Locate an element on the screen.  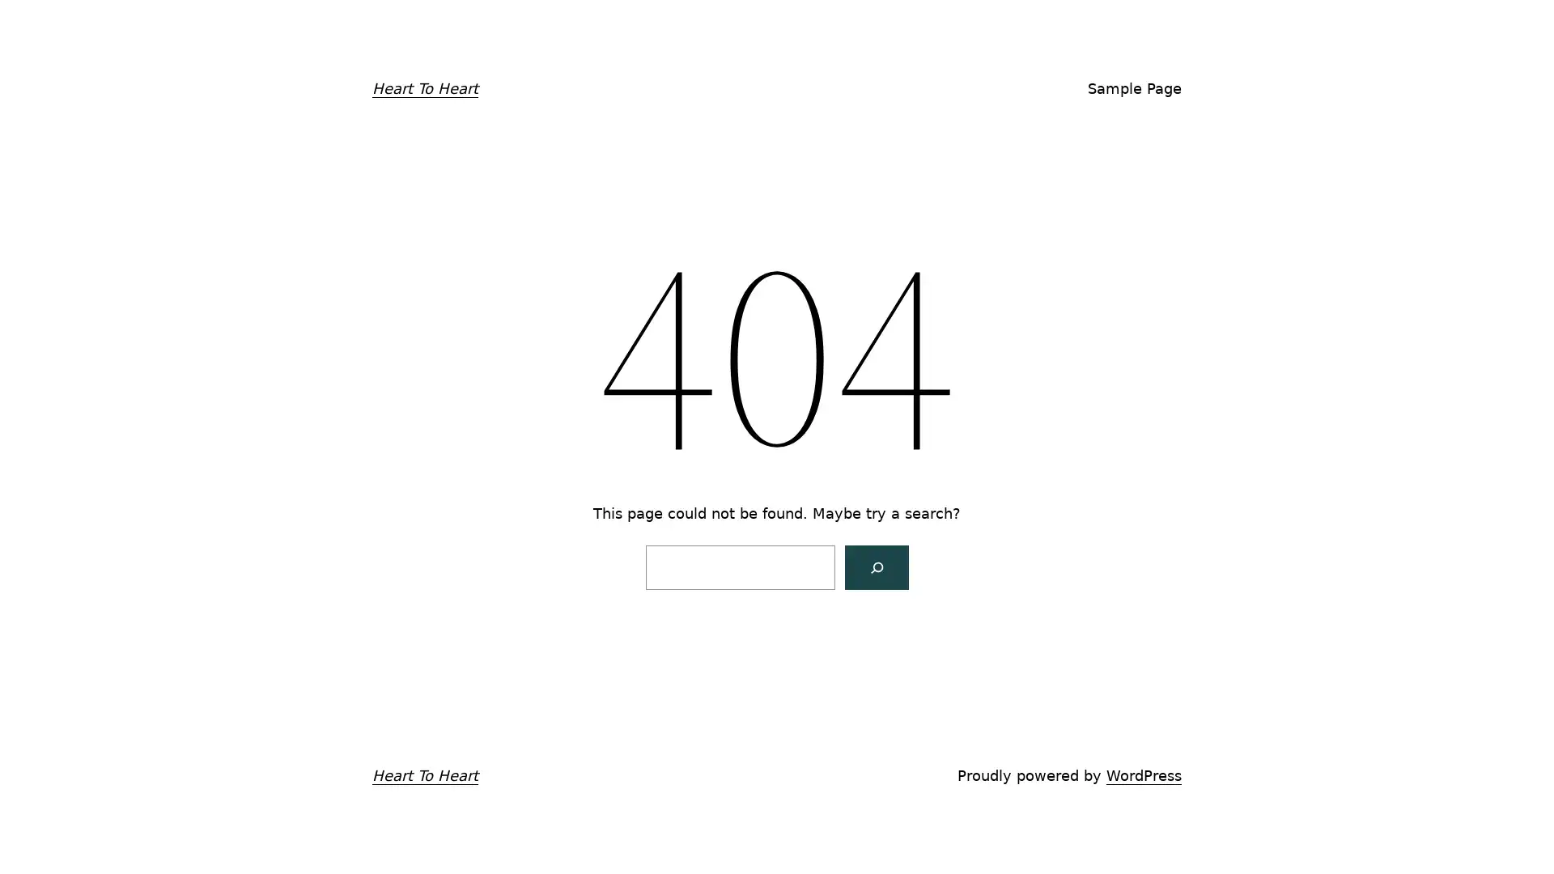
Search is located at coordinates (875, 566).